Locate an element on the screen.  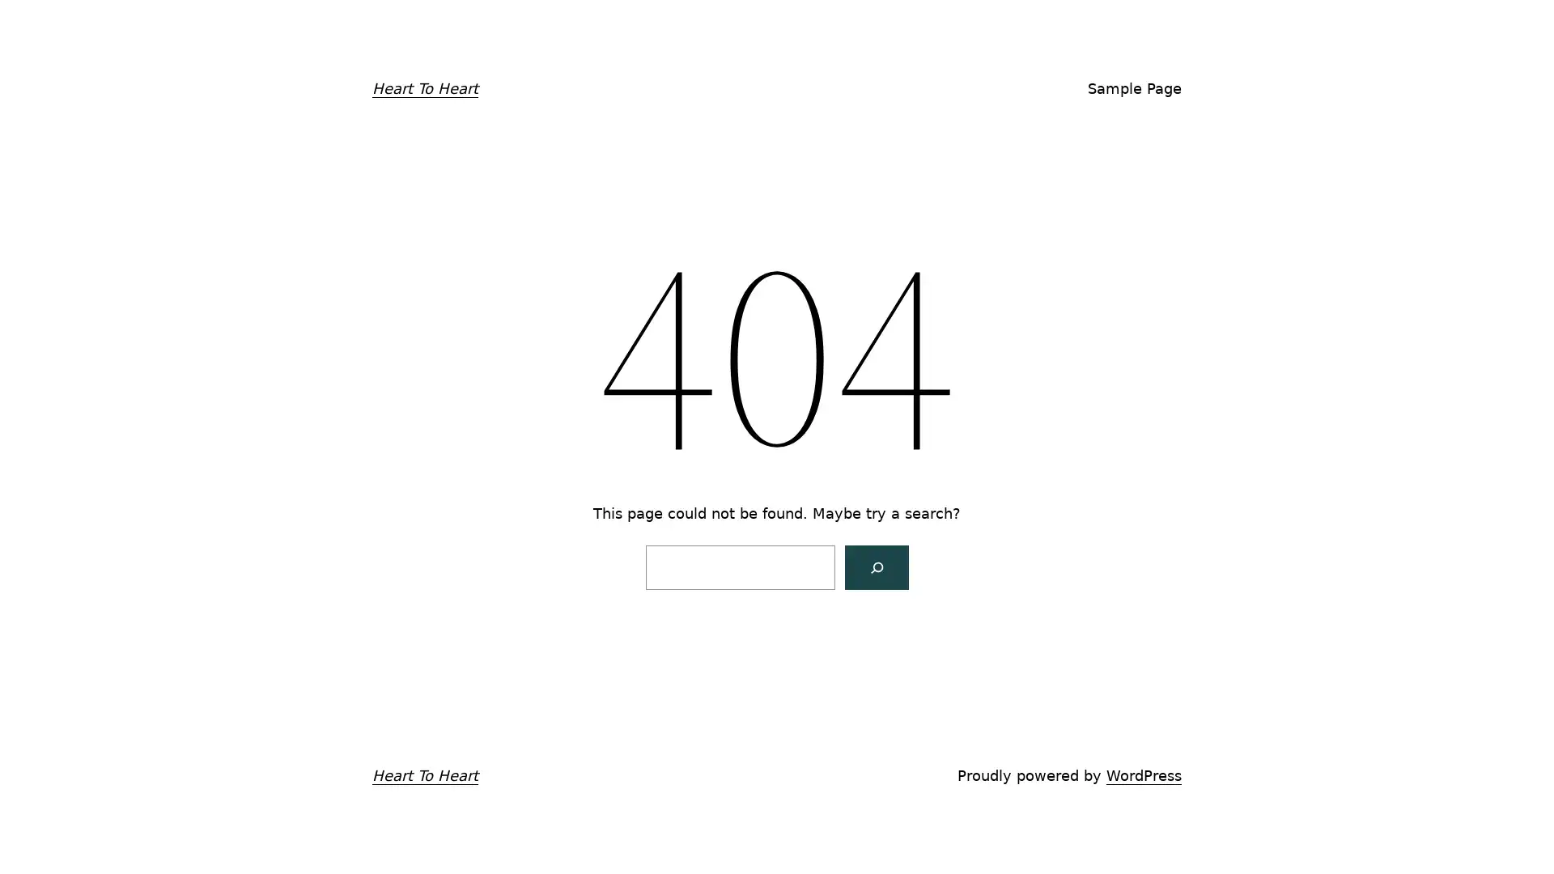
Search is located at coordinates (875, 566).